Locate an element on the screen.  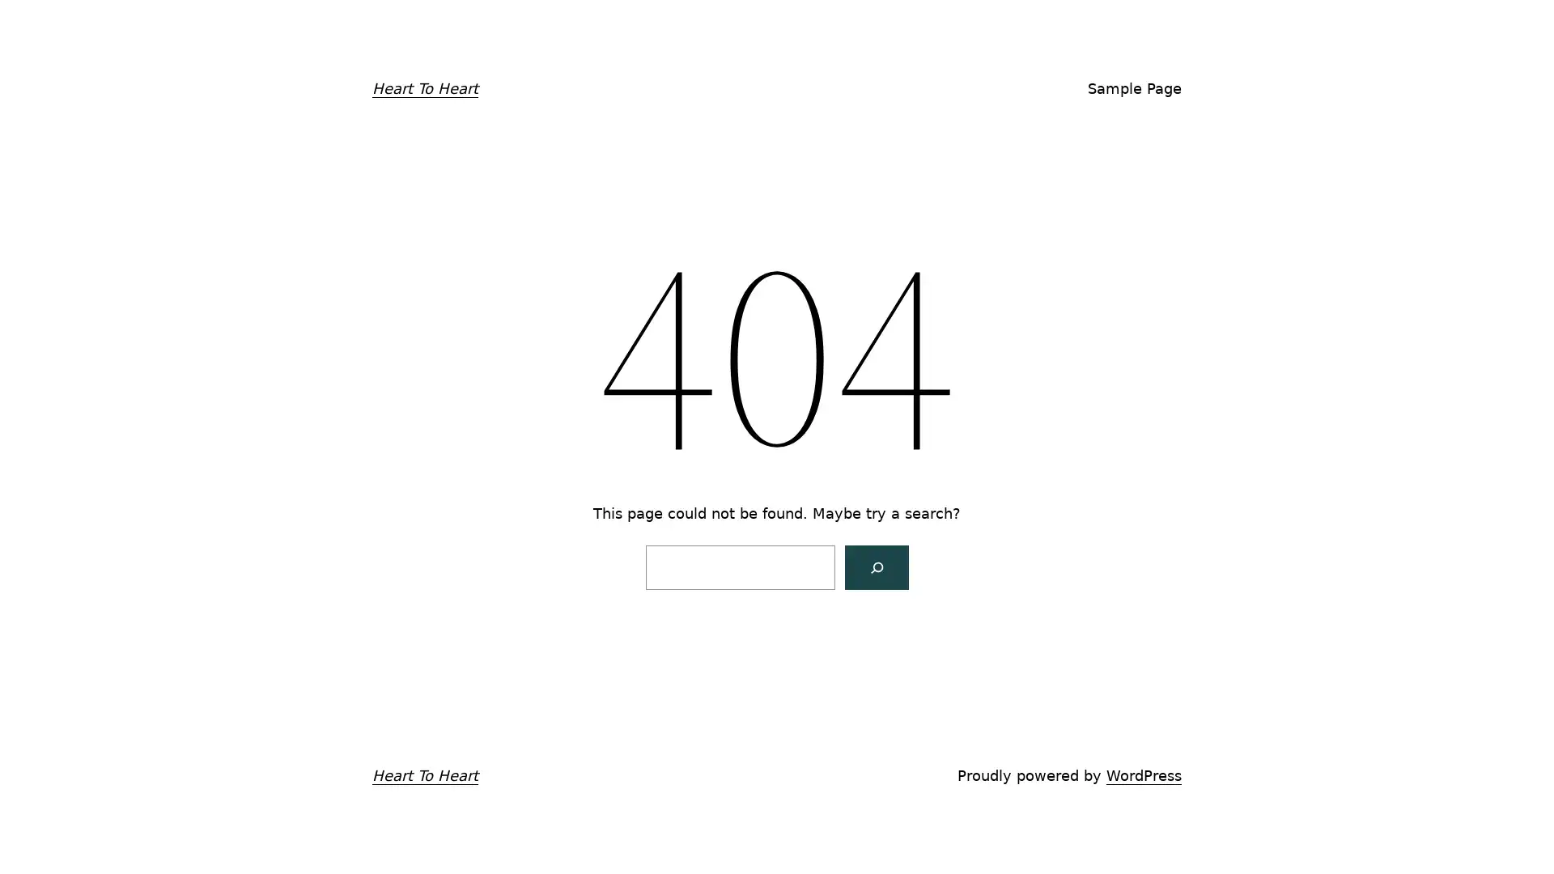
Search is located at coordinates (875, 566).